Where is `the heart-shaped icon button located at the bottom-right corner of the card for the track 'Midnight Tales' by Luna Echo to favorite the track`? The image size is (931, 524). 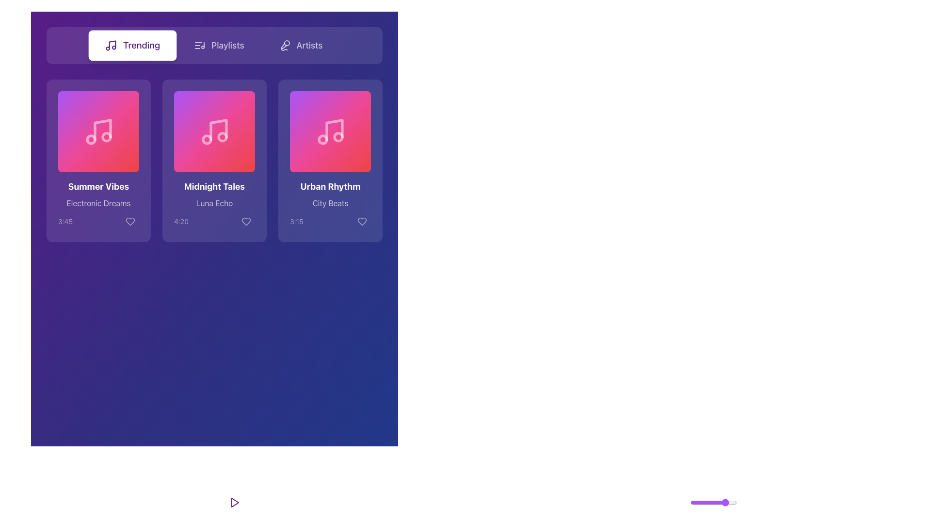 the heart-shaped icon button located at the bottom-right corner of the card for the track 'Midnight Tales' by Luna Echo to favorite the track is located at coordinates (246, 221).